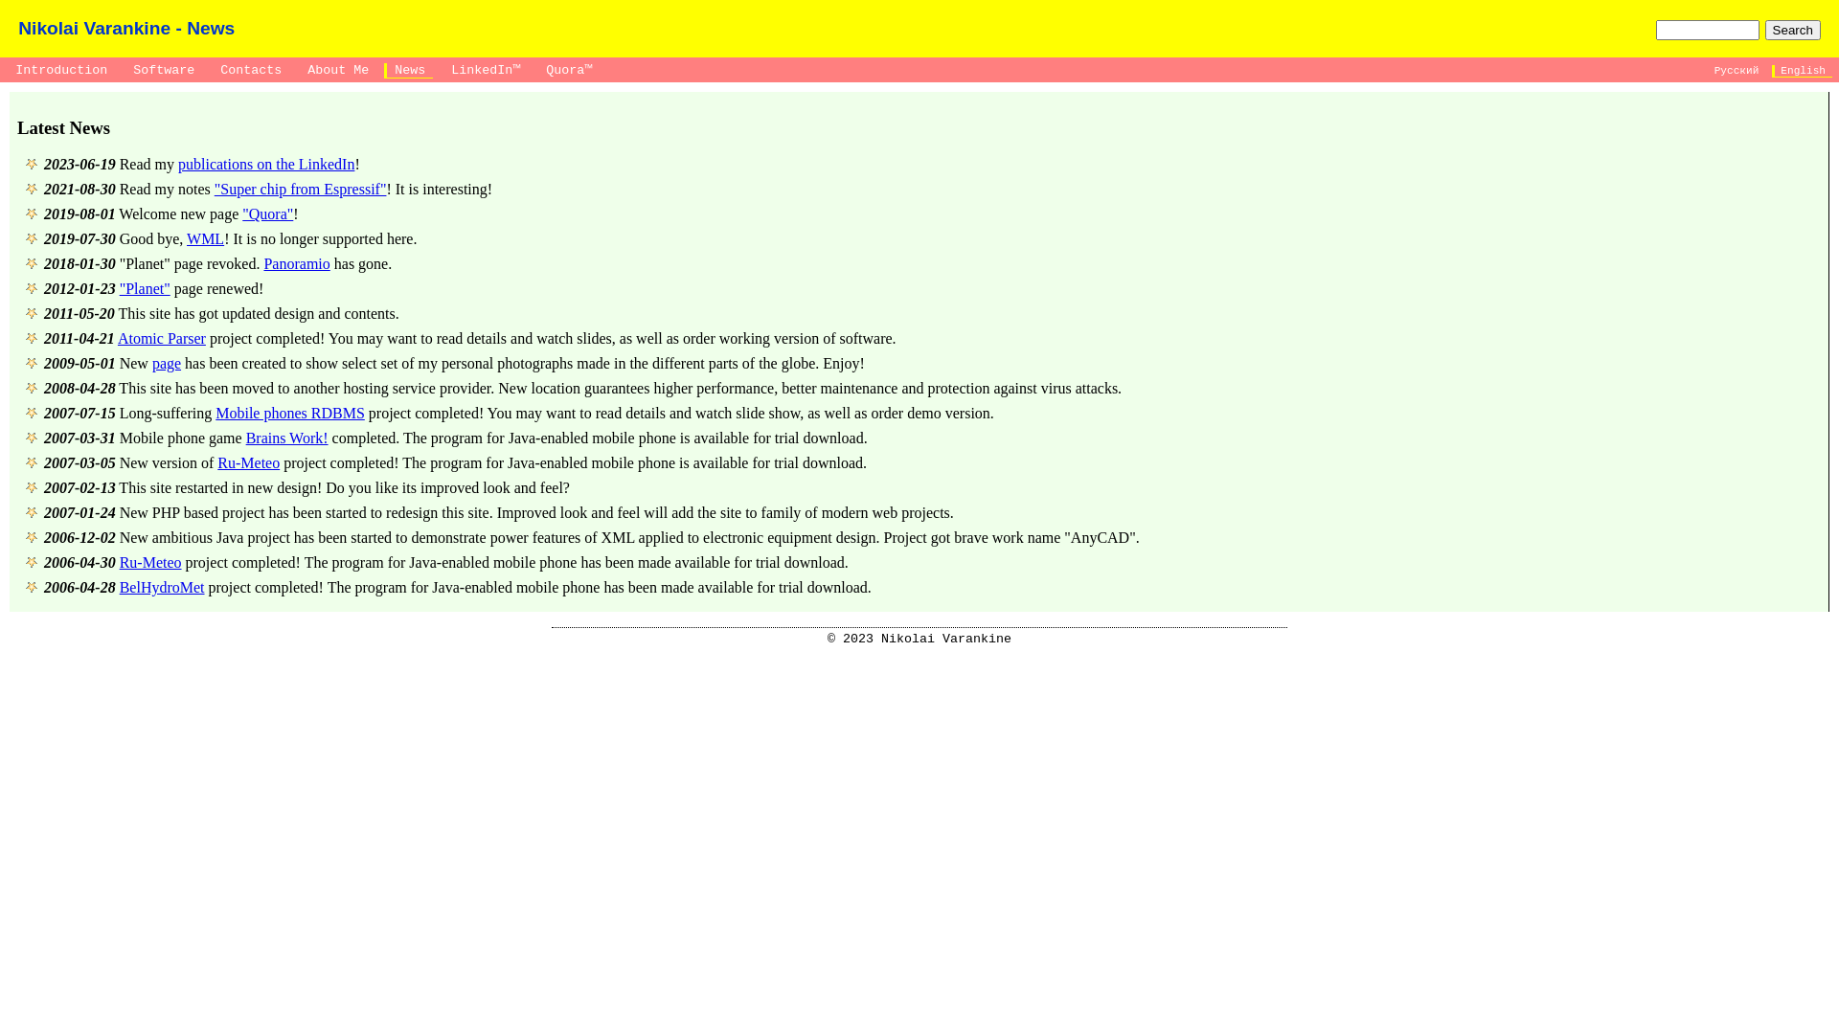 Image resolution: width=1839 pixels, height=1034 pixels. What do you see at coordinates (1801, 70) in the screenshot?
I see `' English '` at bounding box center [1801, 70].